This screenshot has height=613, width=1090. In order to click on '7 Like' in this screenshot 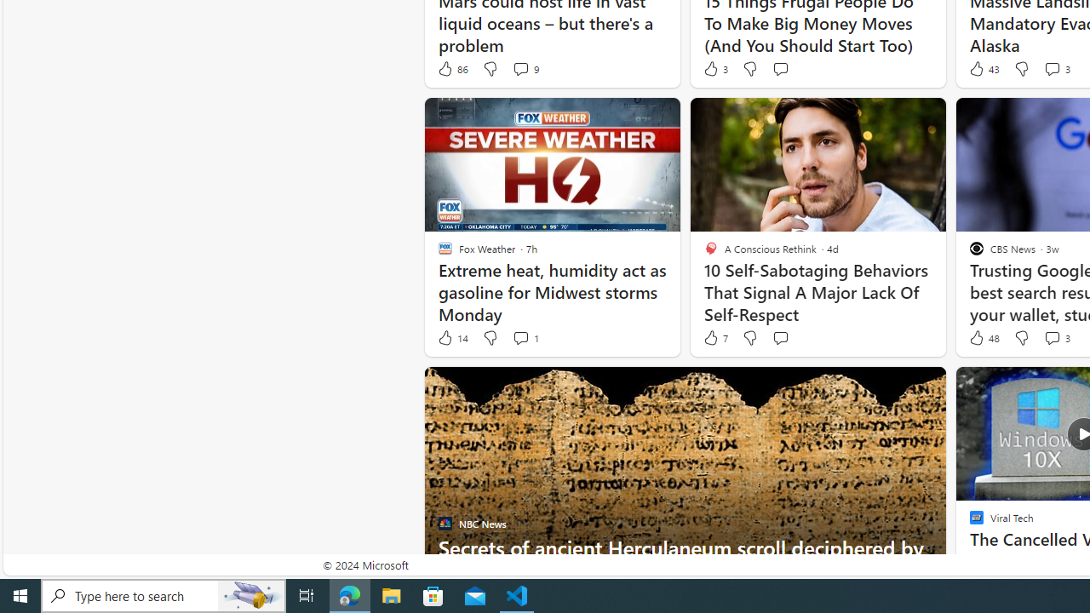, I will do `click(714, 338)`.